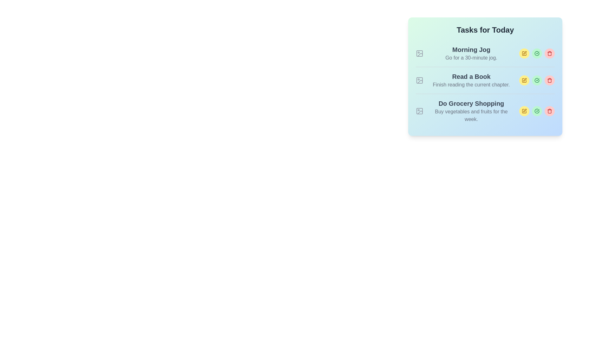 This screenshot has height=342, width=609. Describe the element at coordinates (524, 53) in the screenshot. I see `the square-shaped icon button with a pen symbol in the lower right corner, styled with a yellow background, located next to the 'Morning Jog' task in the task list` at that location.